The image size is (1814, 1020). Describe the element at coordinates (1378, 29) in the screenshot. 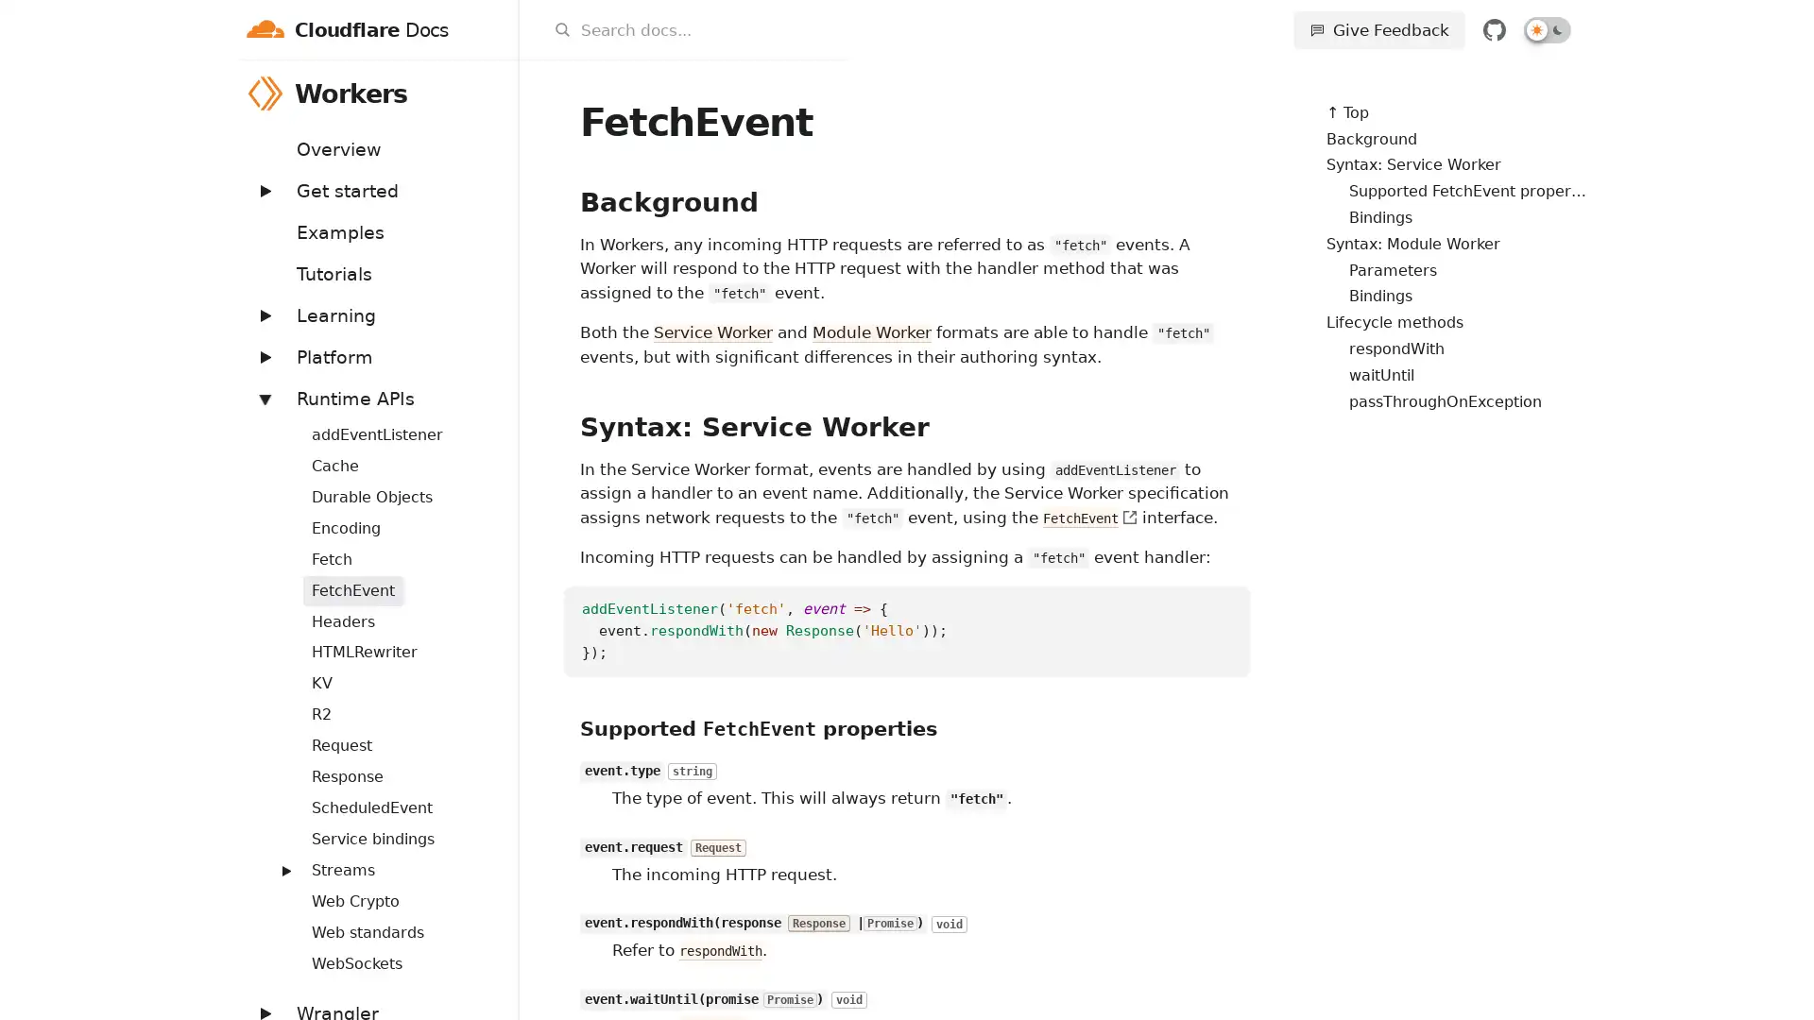

I see `Give Feedback` at that location.